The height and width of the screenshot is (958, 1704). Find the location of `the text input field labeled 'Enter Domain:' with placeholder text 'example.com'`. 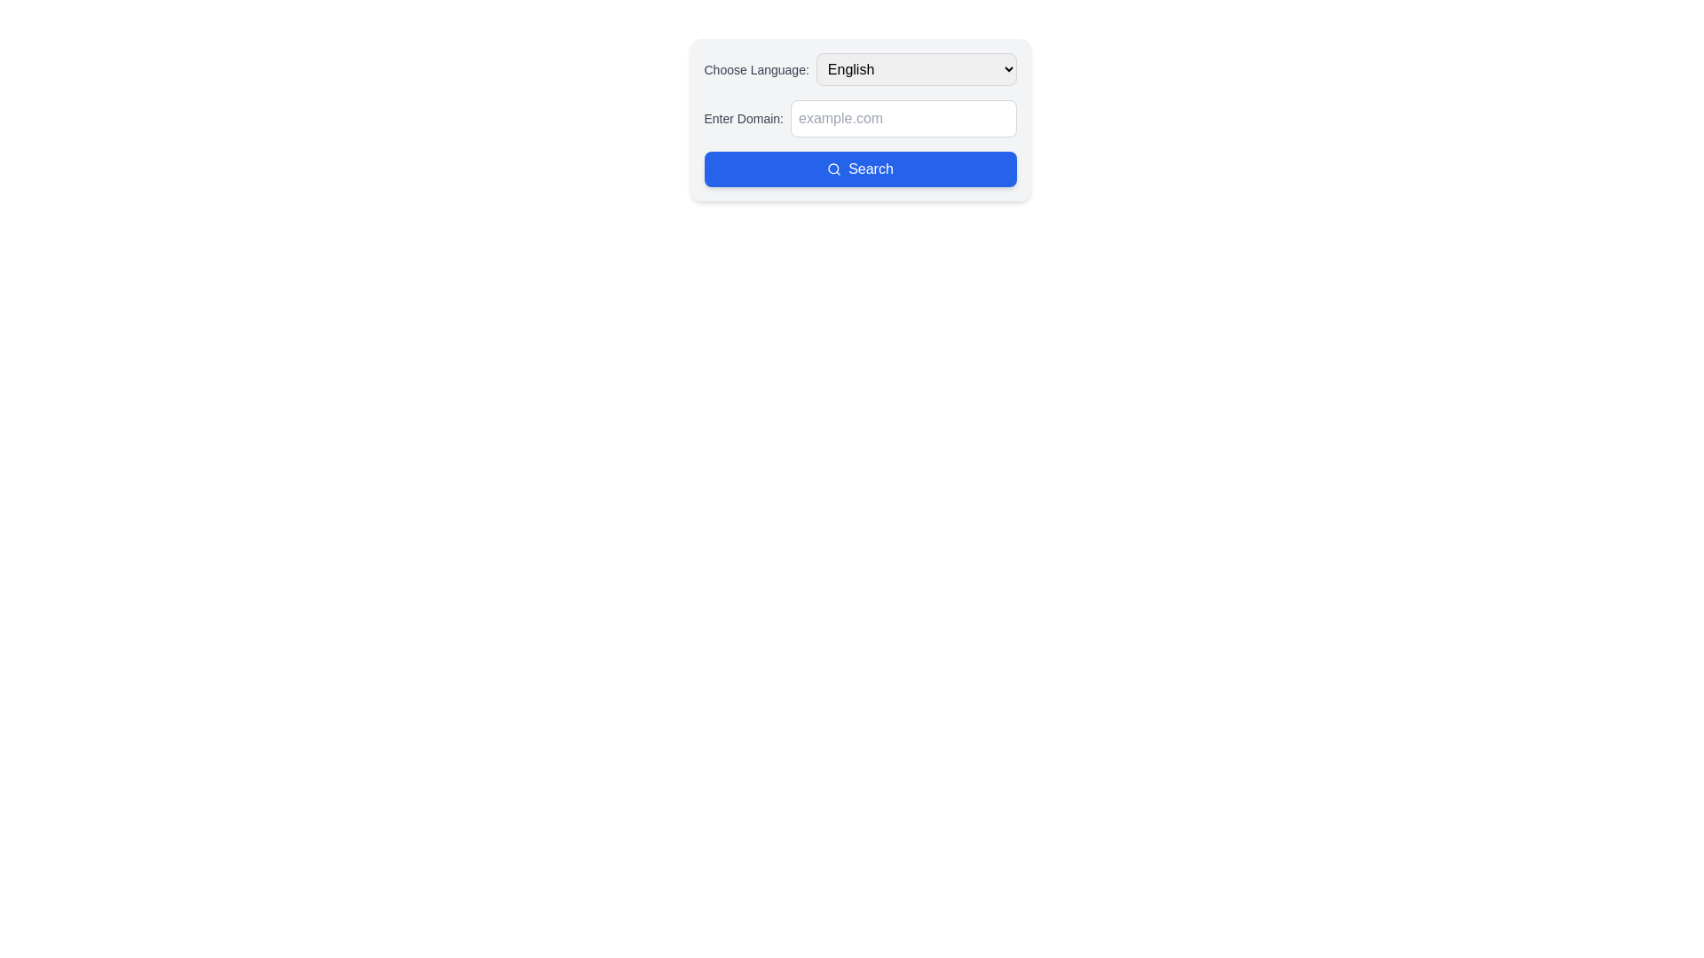

the text input field labeled 'Enter Domain:' with placeholder text 'example.com' is located at coordinates (860, 119).